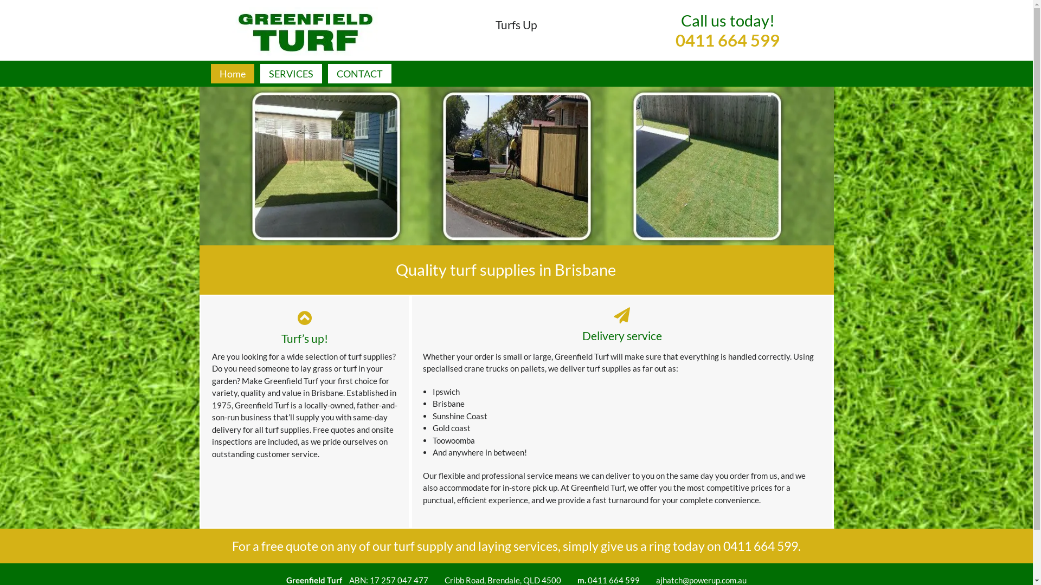 This screenshot has width=1041, height=585. Describe the element at coordinates (304, 30) in the screenshot. I see `'greenfield turf logo'` at that location.